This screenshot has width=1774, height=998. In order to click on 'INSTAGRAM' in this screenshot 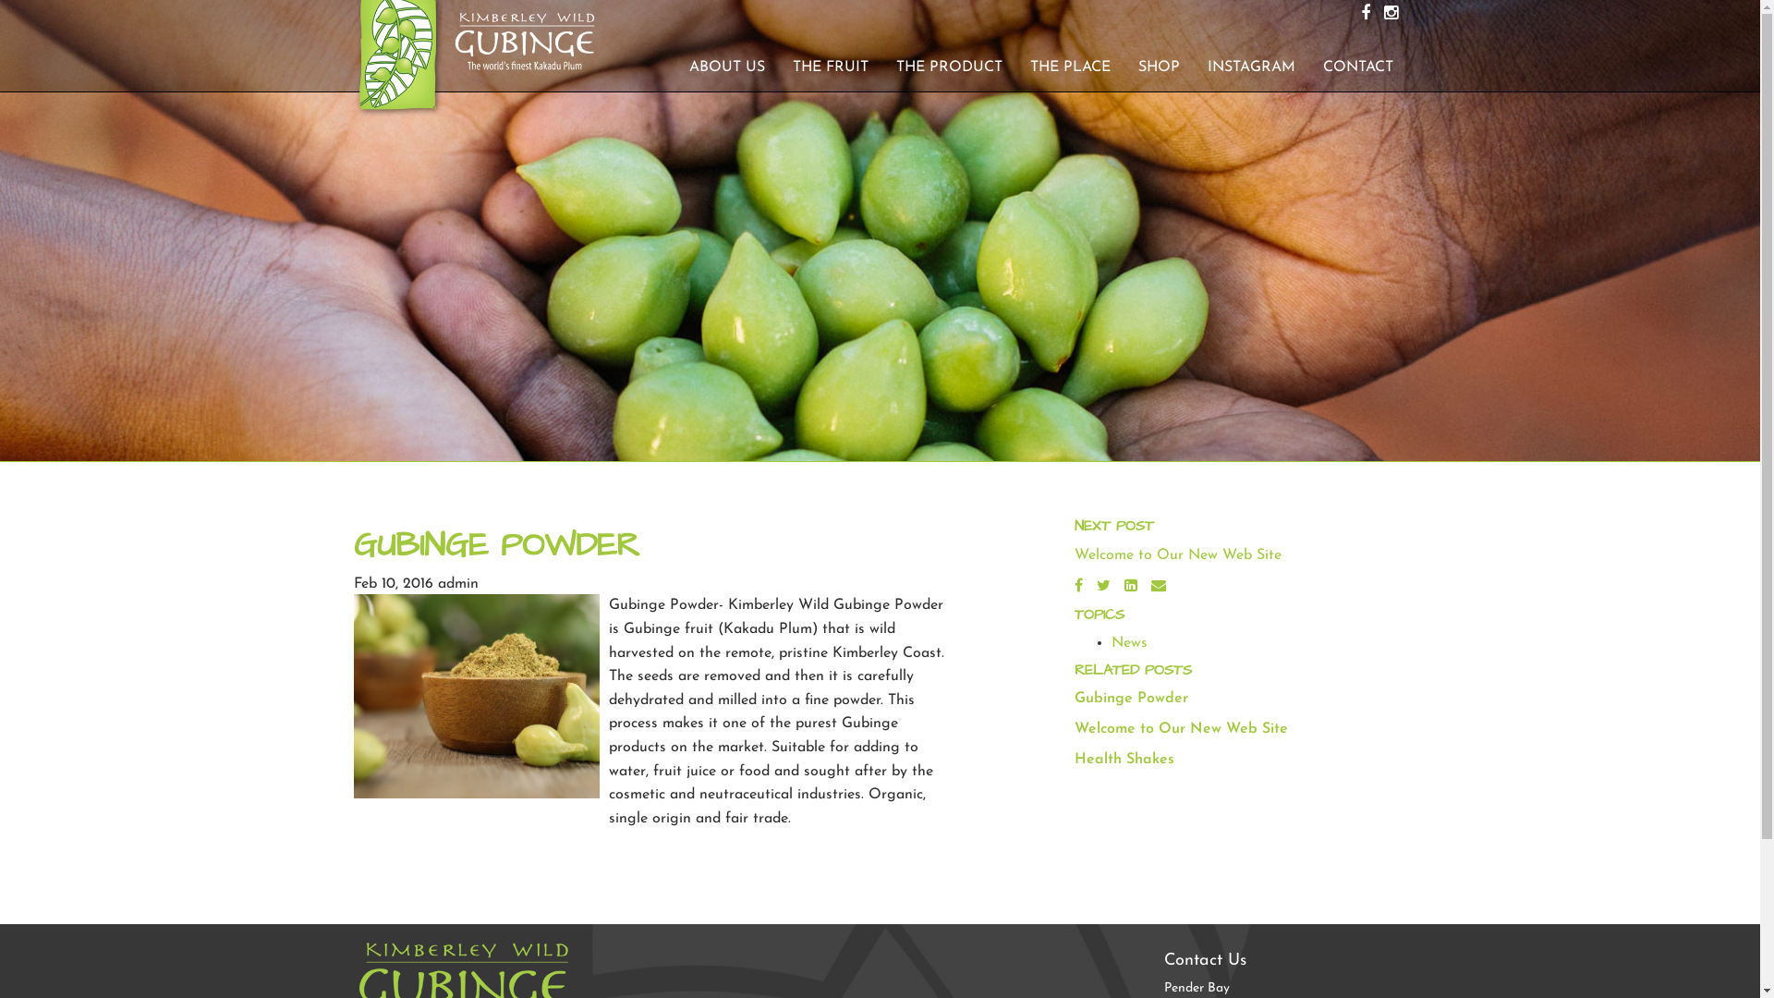, I will do `click(1251, 67)`.